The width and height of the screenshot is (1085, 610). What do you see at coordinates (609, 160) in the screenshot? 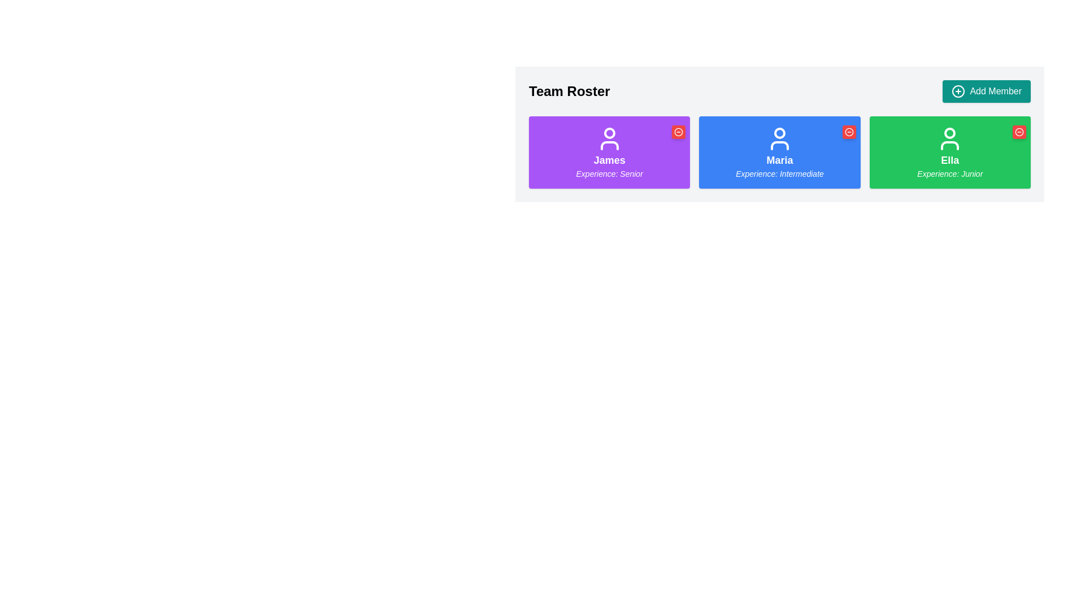
I see `the user name displayed` at bounding box center [609, 160].